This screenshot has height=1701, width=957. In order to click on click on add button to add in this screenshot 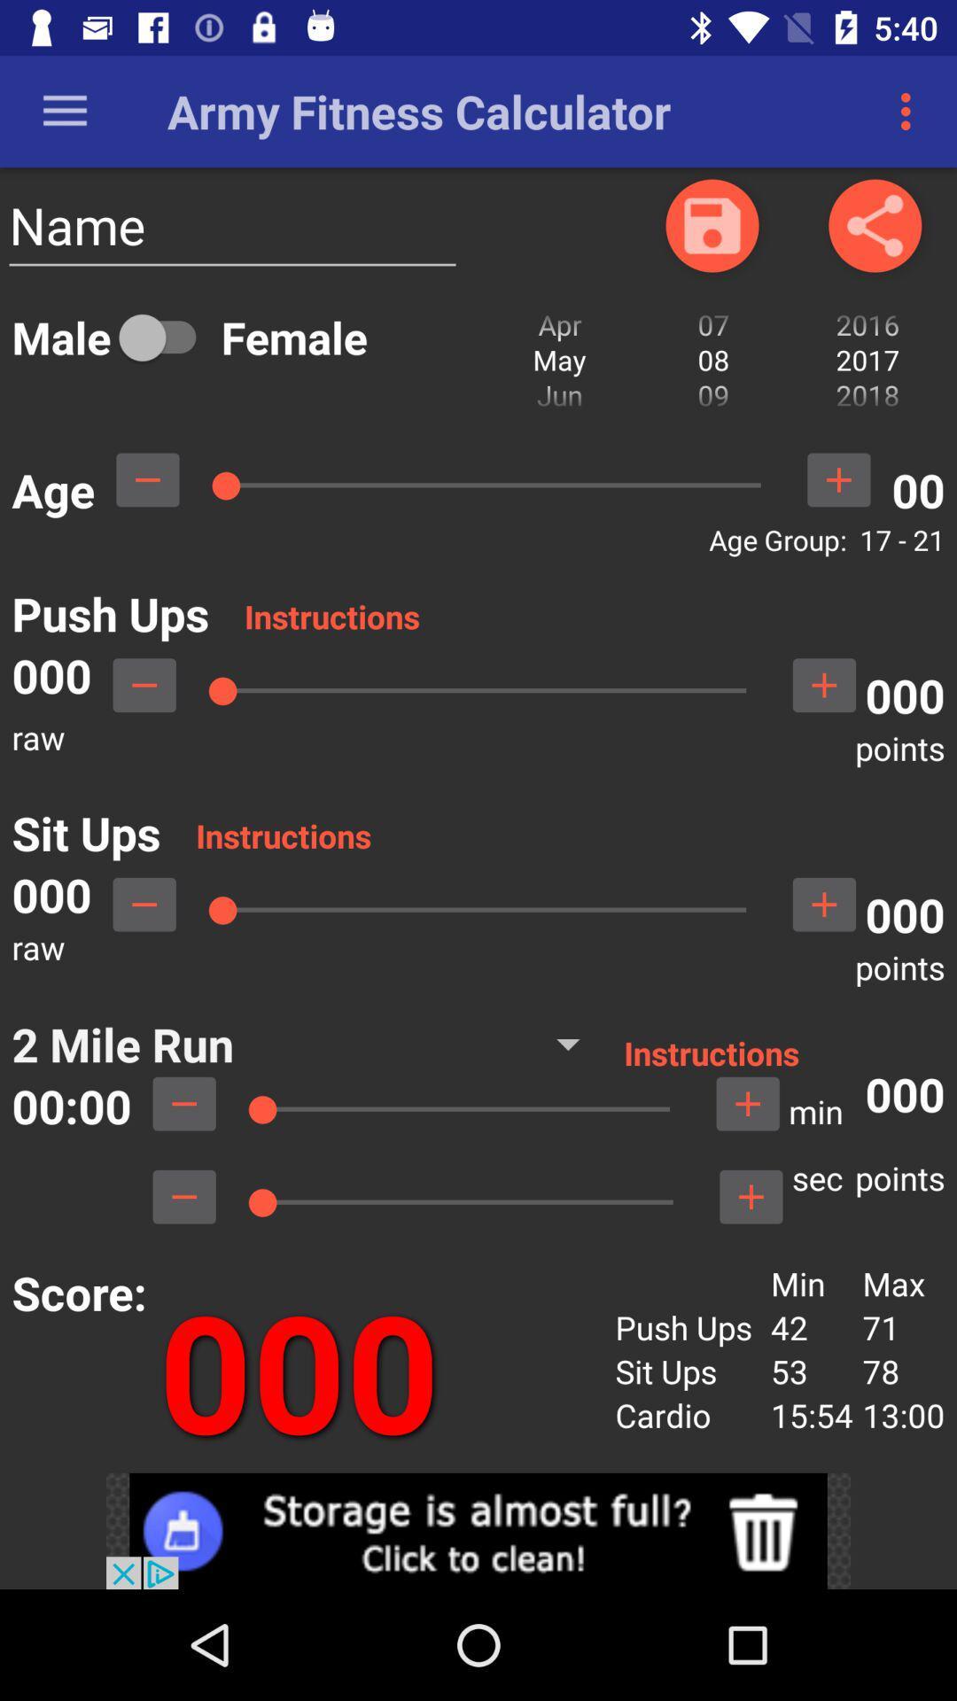, I will do `click(751, 1197)`.